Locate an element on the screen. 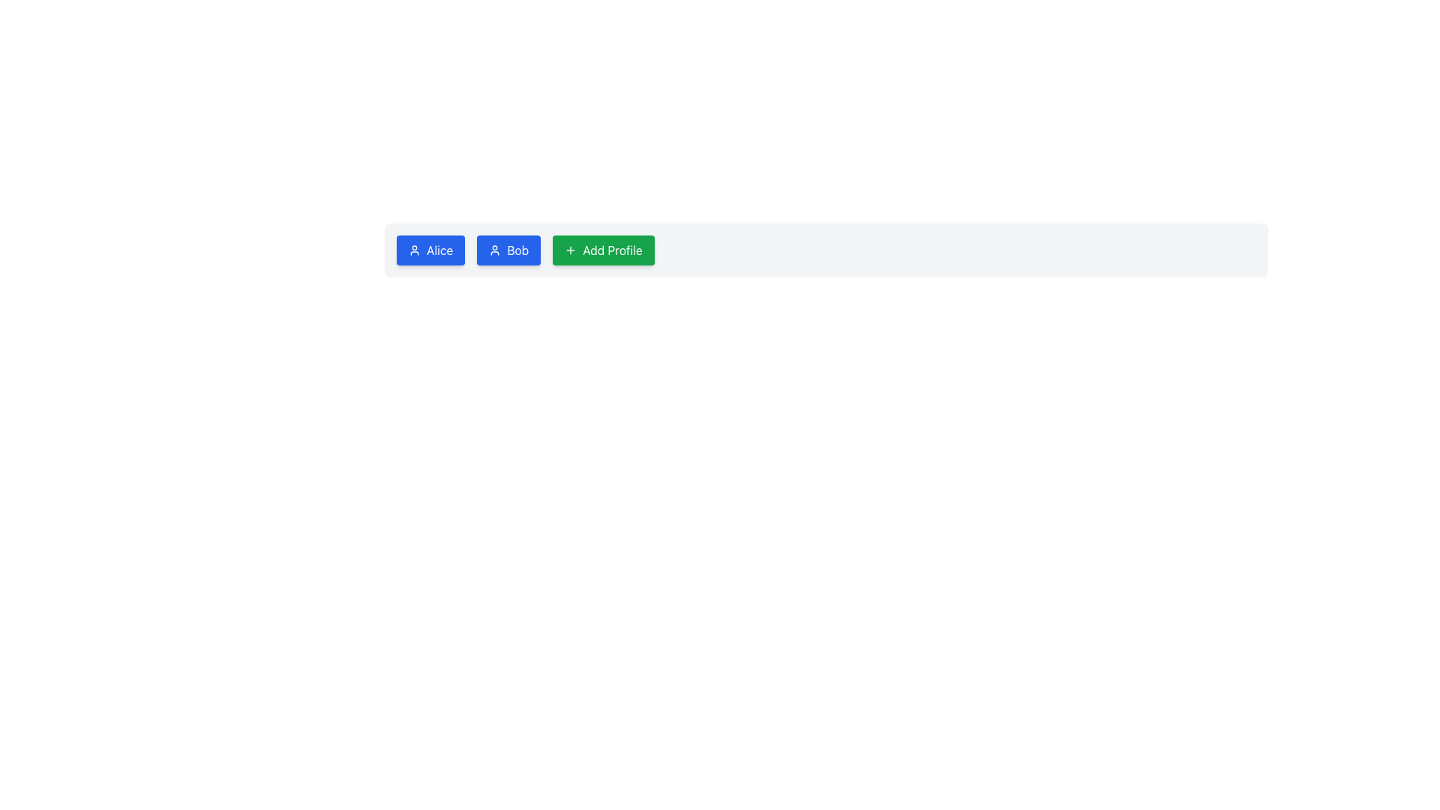 Image resolution: width=1440 pixels, height=810 pixels. the user profile icon labeled 'Alice', which is the first button in a horizontal row of buttons is located at coordinates (414, 250).